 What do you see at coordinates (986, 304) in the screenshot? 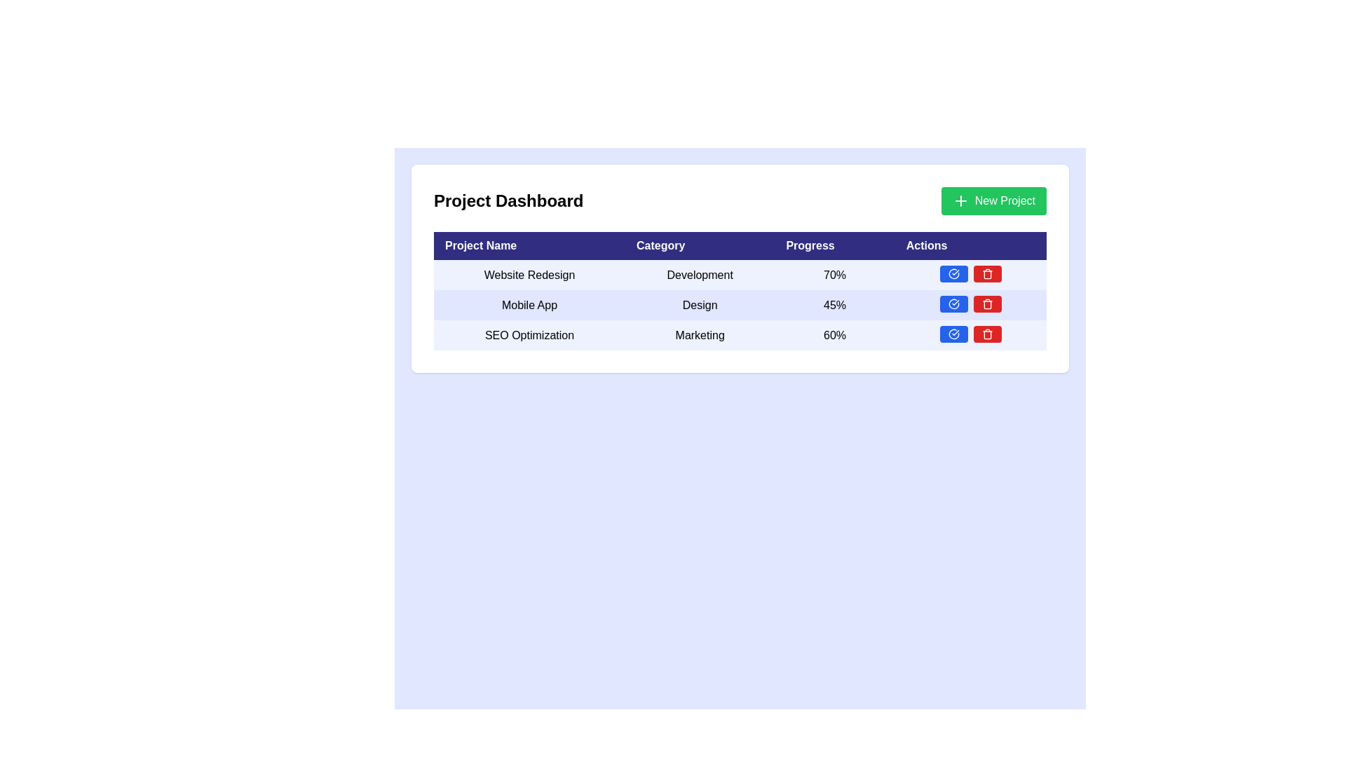
I see `the small red button with a trash icon located in the third table row under the 'Actions' column` at bounding box center [986, 304].